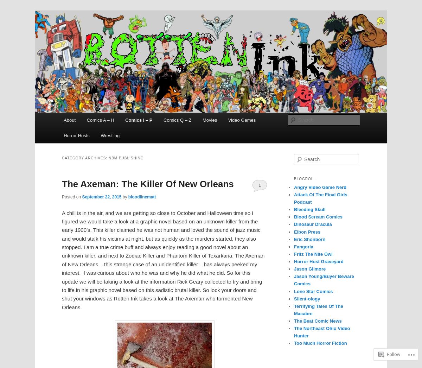 This screenshot has width=422, height=368. Describe the element at coordinates (319, 261) in the screenshot. I see `'Horror Host Graveyard'` at that location.